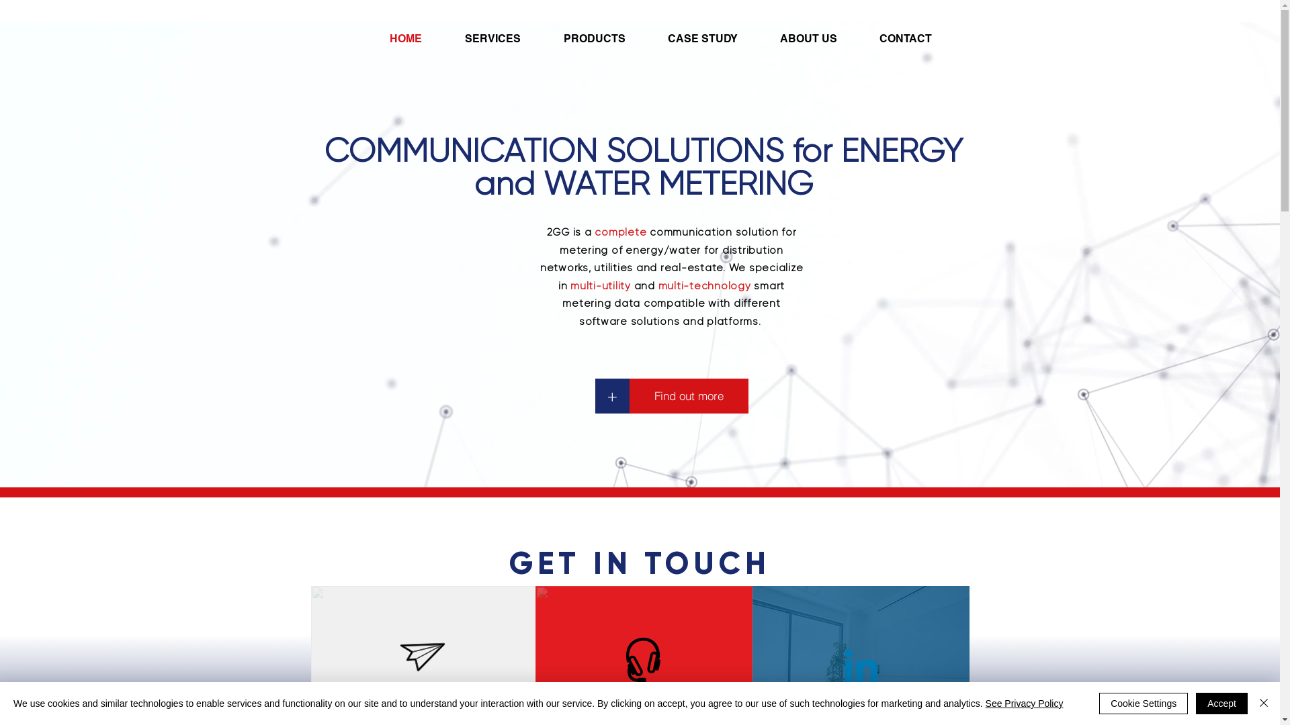 The width and height of the screenshot is (1290, 725). What do you see at coordinates (1221, 703) in the screenshot?
I see `'Accept'` at bounding box center [1221, 703].